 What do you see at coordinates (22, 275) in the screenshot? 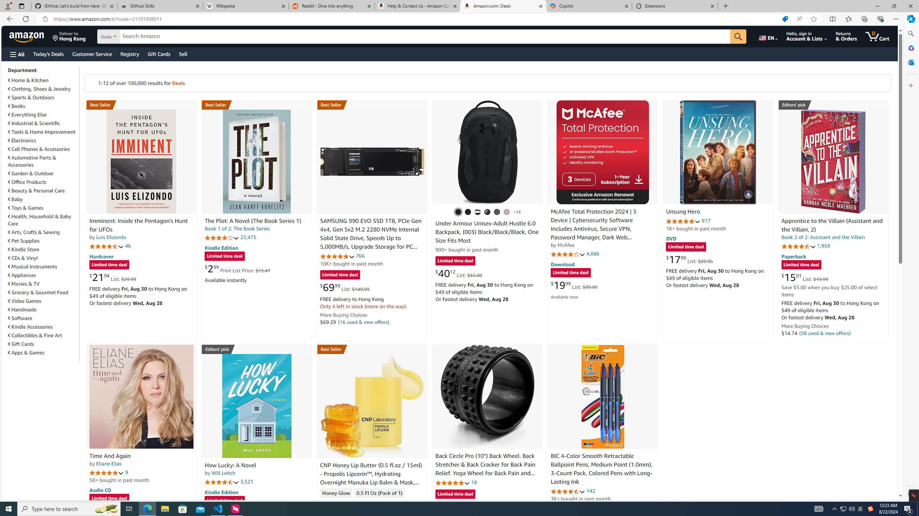
I see `'Appliances'` at bounding box center [22, 275].